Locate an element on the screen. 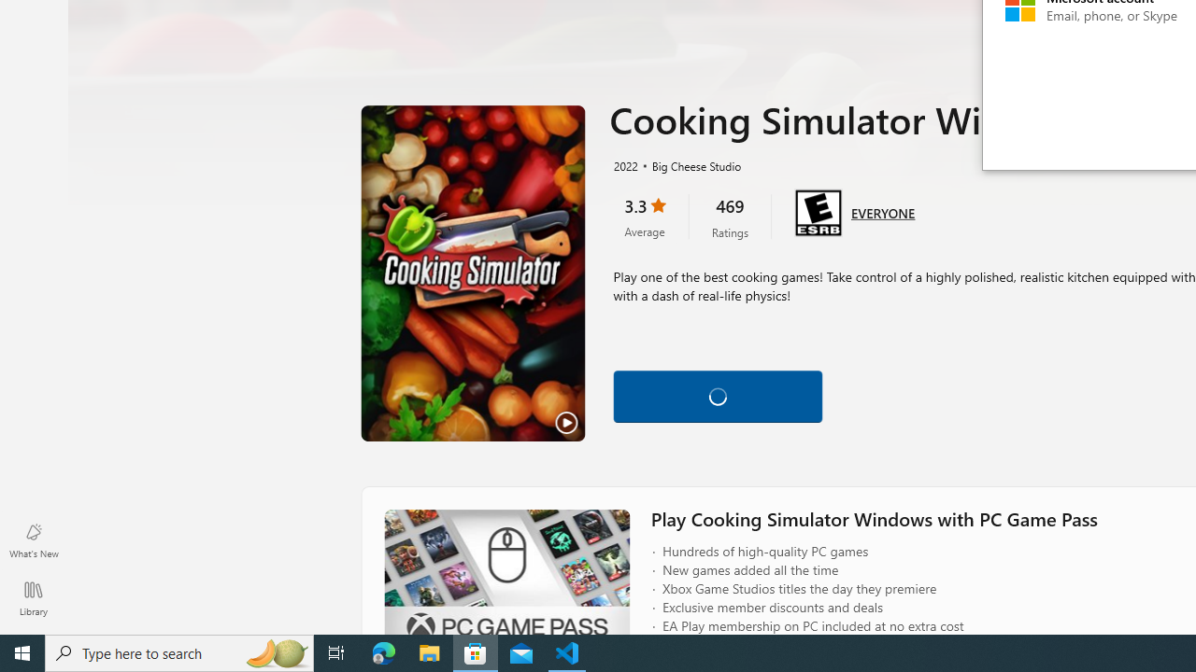 The height and width of the screenshot is (672, 1196). 'Library' is located at coordinates (33, 597).